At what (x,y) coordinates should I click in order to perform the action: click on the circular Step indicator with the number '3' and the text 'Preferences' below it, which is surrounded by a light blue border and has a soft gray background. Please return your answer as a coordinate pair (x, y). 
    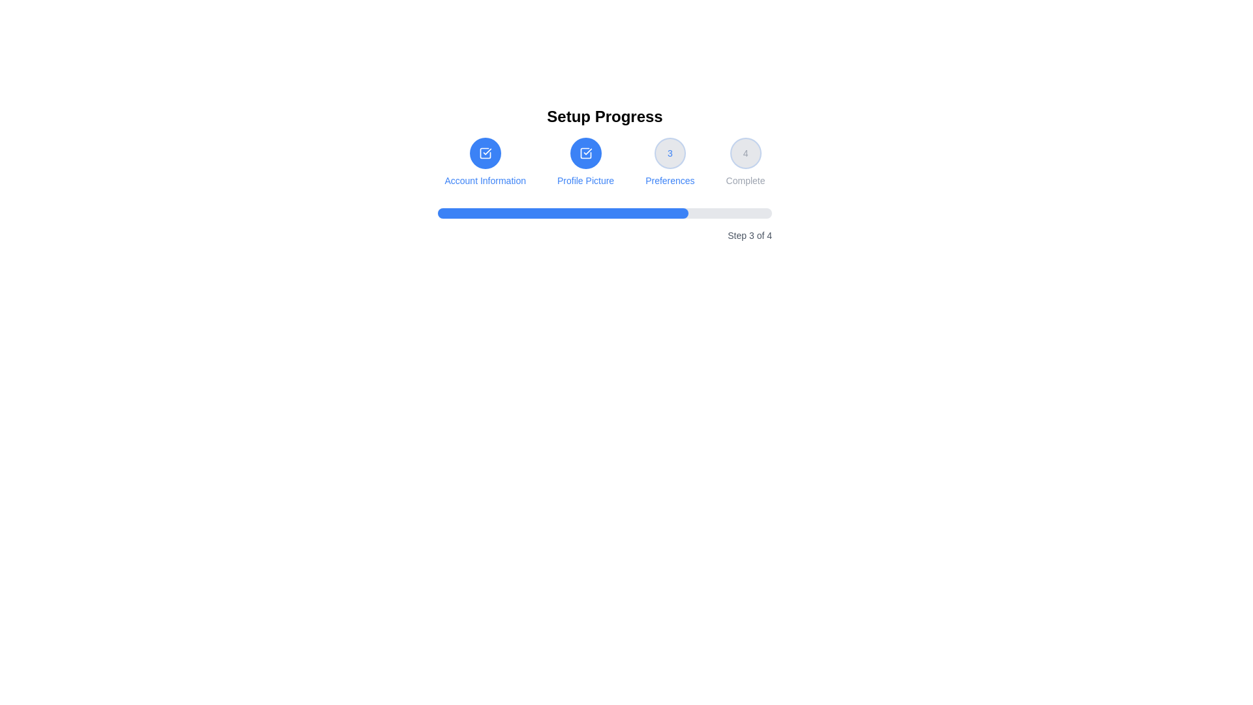
    Looking at the image, I should click on (670, 162).